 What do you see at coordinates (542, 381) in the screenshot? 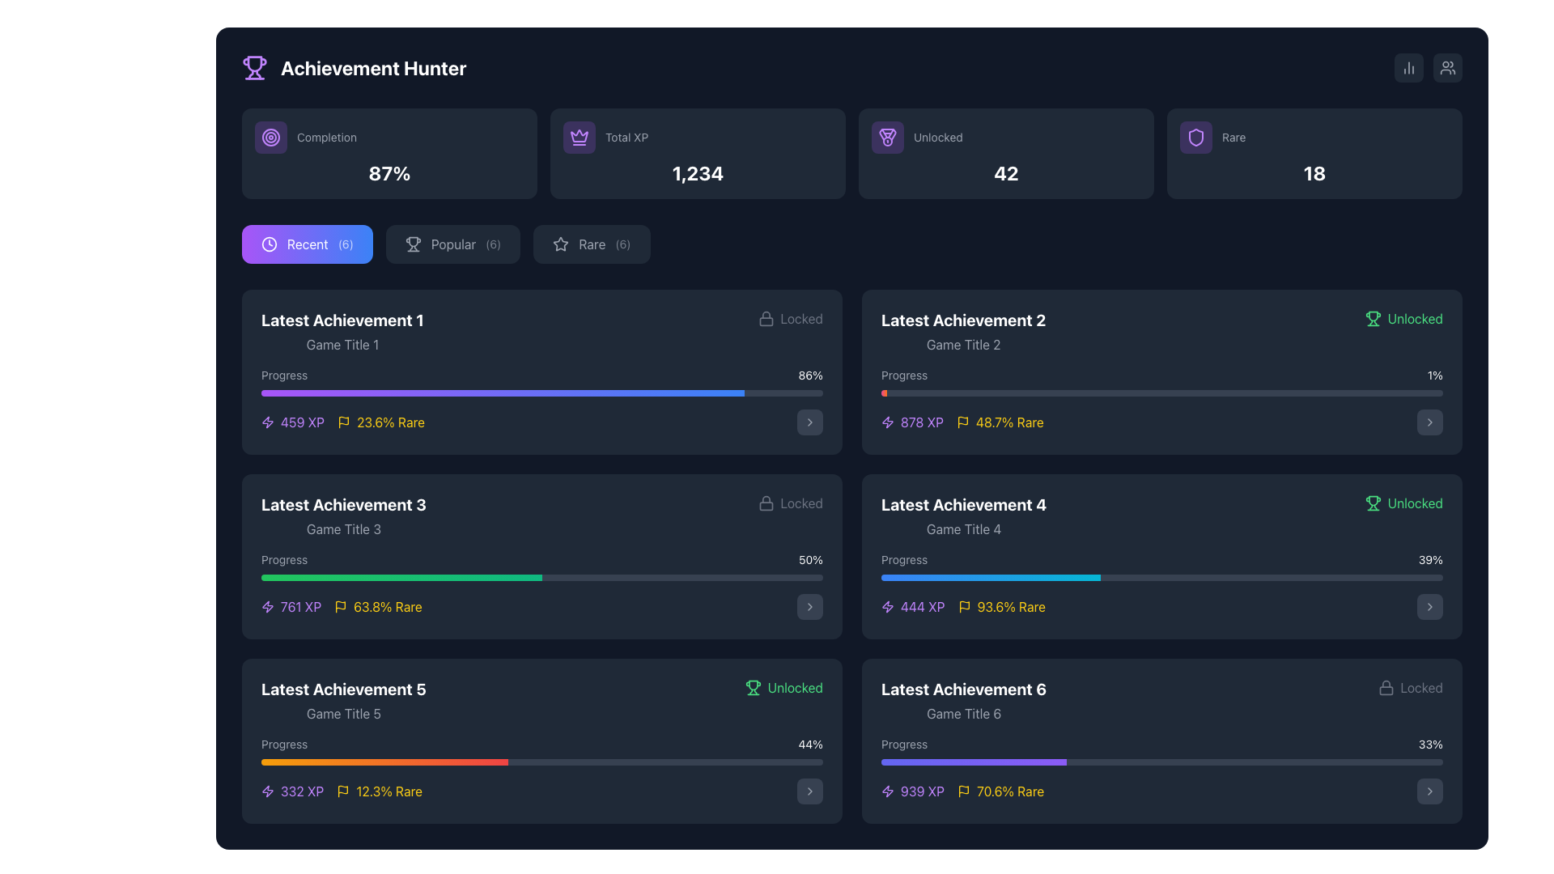
I see `the percentage text '86%' displayed at the right end of the progress bar within the 'Latest Achievement 1' card` at bounding box center [542, 381].